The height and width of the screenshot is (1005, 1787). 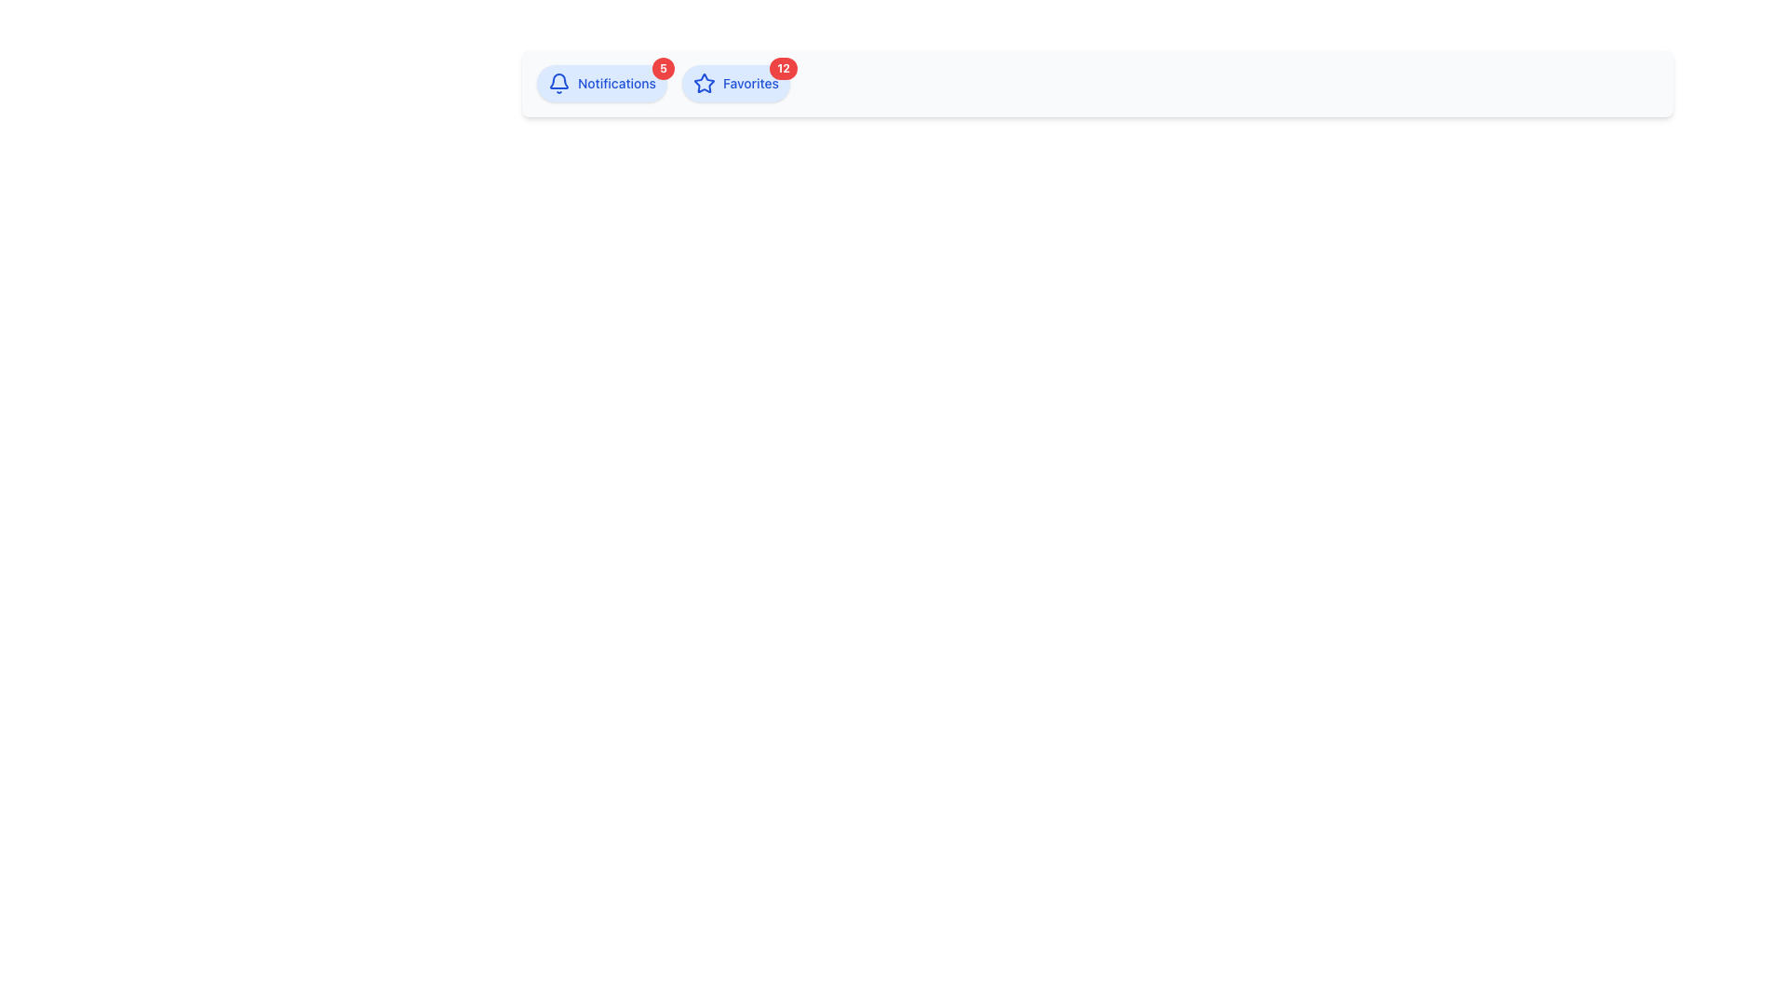 I want to click on the numerical notification badge that overlays the 'Favorites' button, so click(x=783, y=67).